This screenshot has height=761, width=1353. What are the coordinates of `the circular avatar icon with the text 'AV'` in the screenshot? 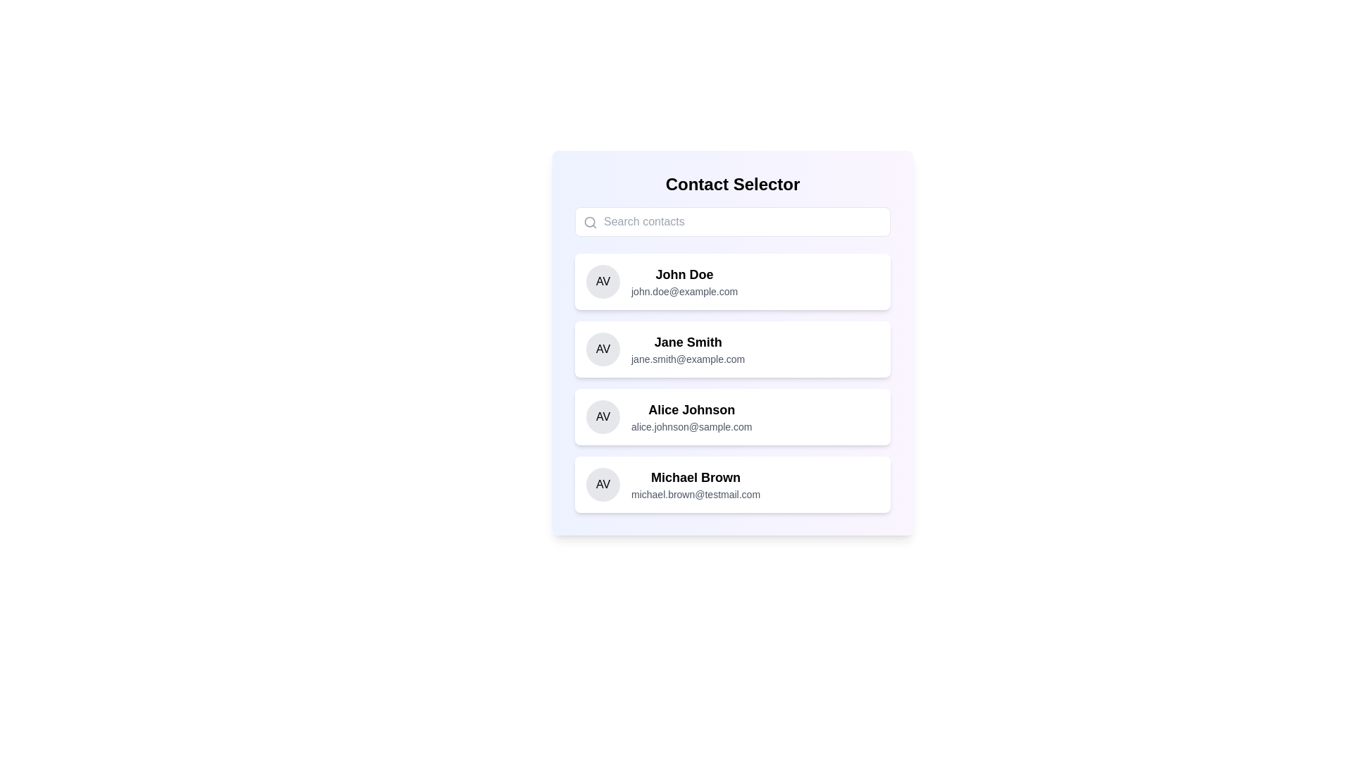 It's located at (603, 483).